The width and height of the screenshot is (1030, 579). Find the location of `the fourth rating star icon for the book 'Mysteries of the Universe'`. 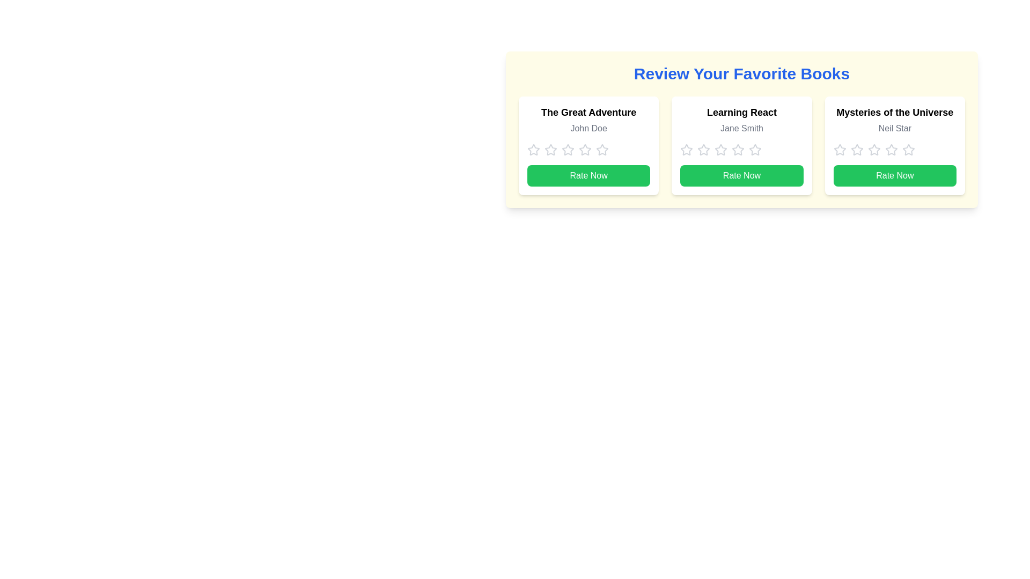

the fourth rating star icon for the book 'Mysteries of the Universe' is located at coordinates (908, 150).